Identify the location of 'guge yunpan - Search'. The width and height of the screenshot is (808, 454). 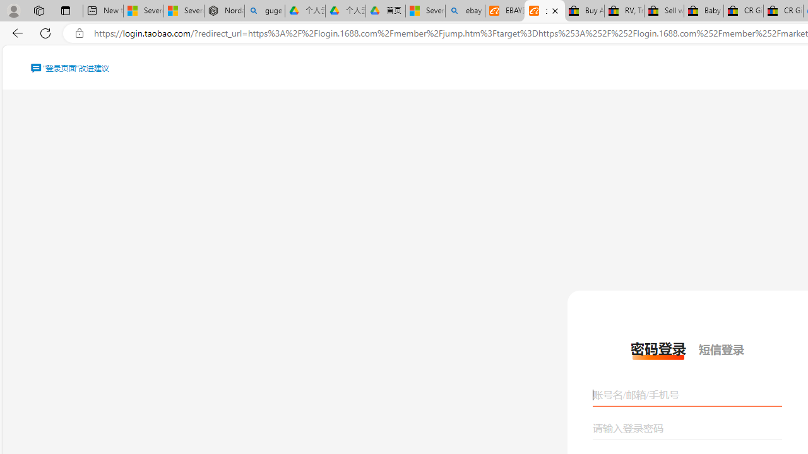
(264, 11).